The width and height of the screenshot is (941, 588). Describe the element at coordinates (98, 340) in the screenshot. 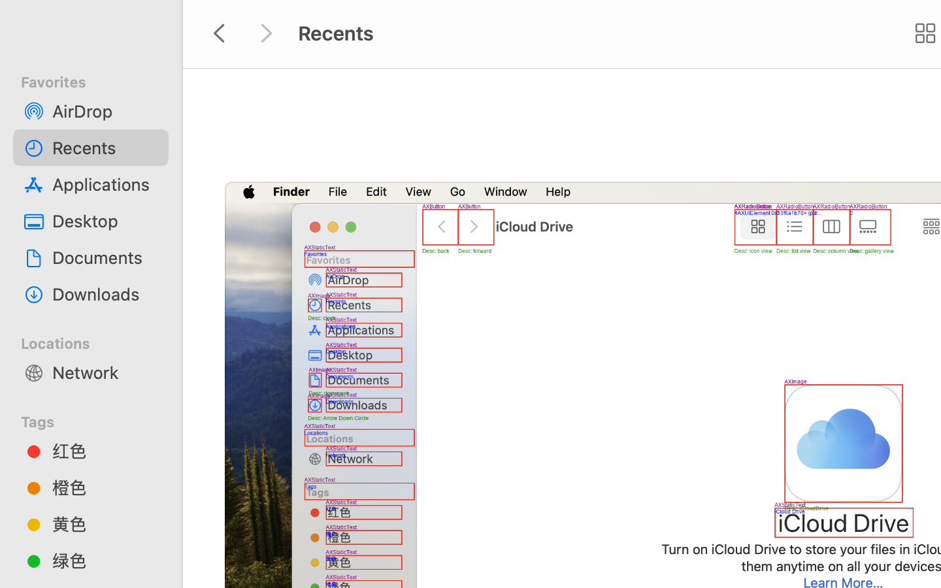

I see `'Locations'` at that location.